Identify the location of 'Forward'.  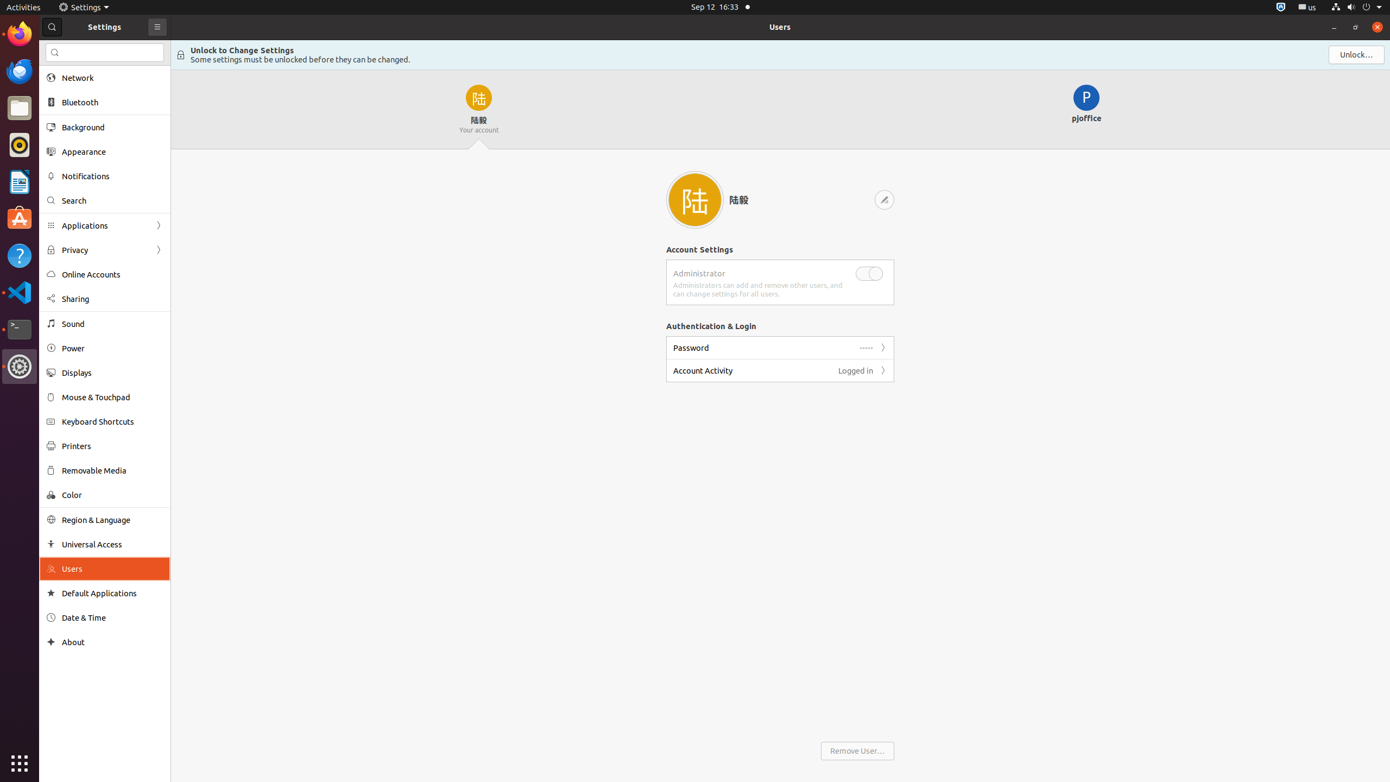
(883, 370).